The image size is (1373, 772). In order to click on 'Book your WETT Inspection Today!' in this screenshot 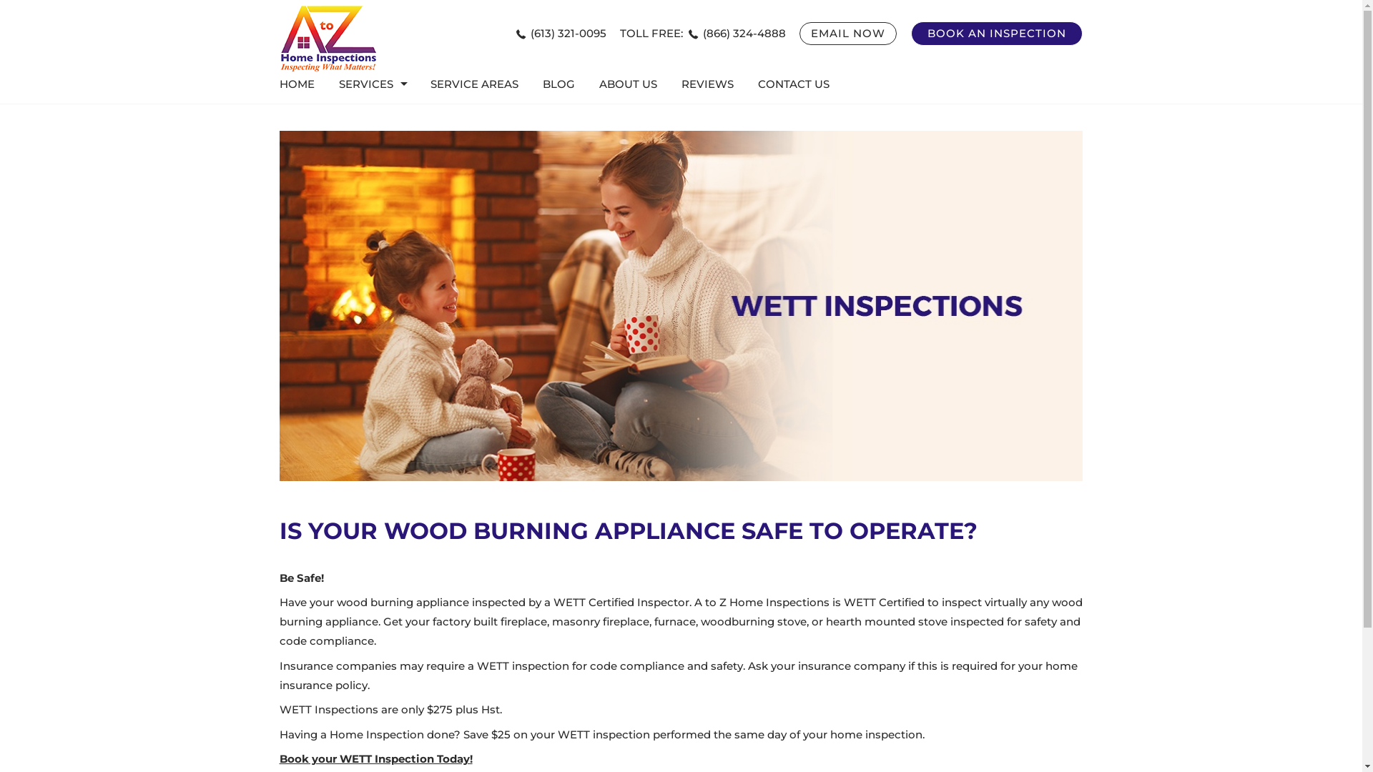, I will do `click(376, 758)`.